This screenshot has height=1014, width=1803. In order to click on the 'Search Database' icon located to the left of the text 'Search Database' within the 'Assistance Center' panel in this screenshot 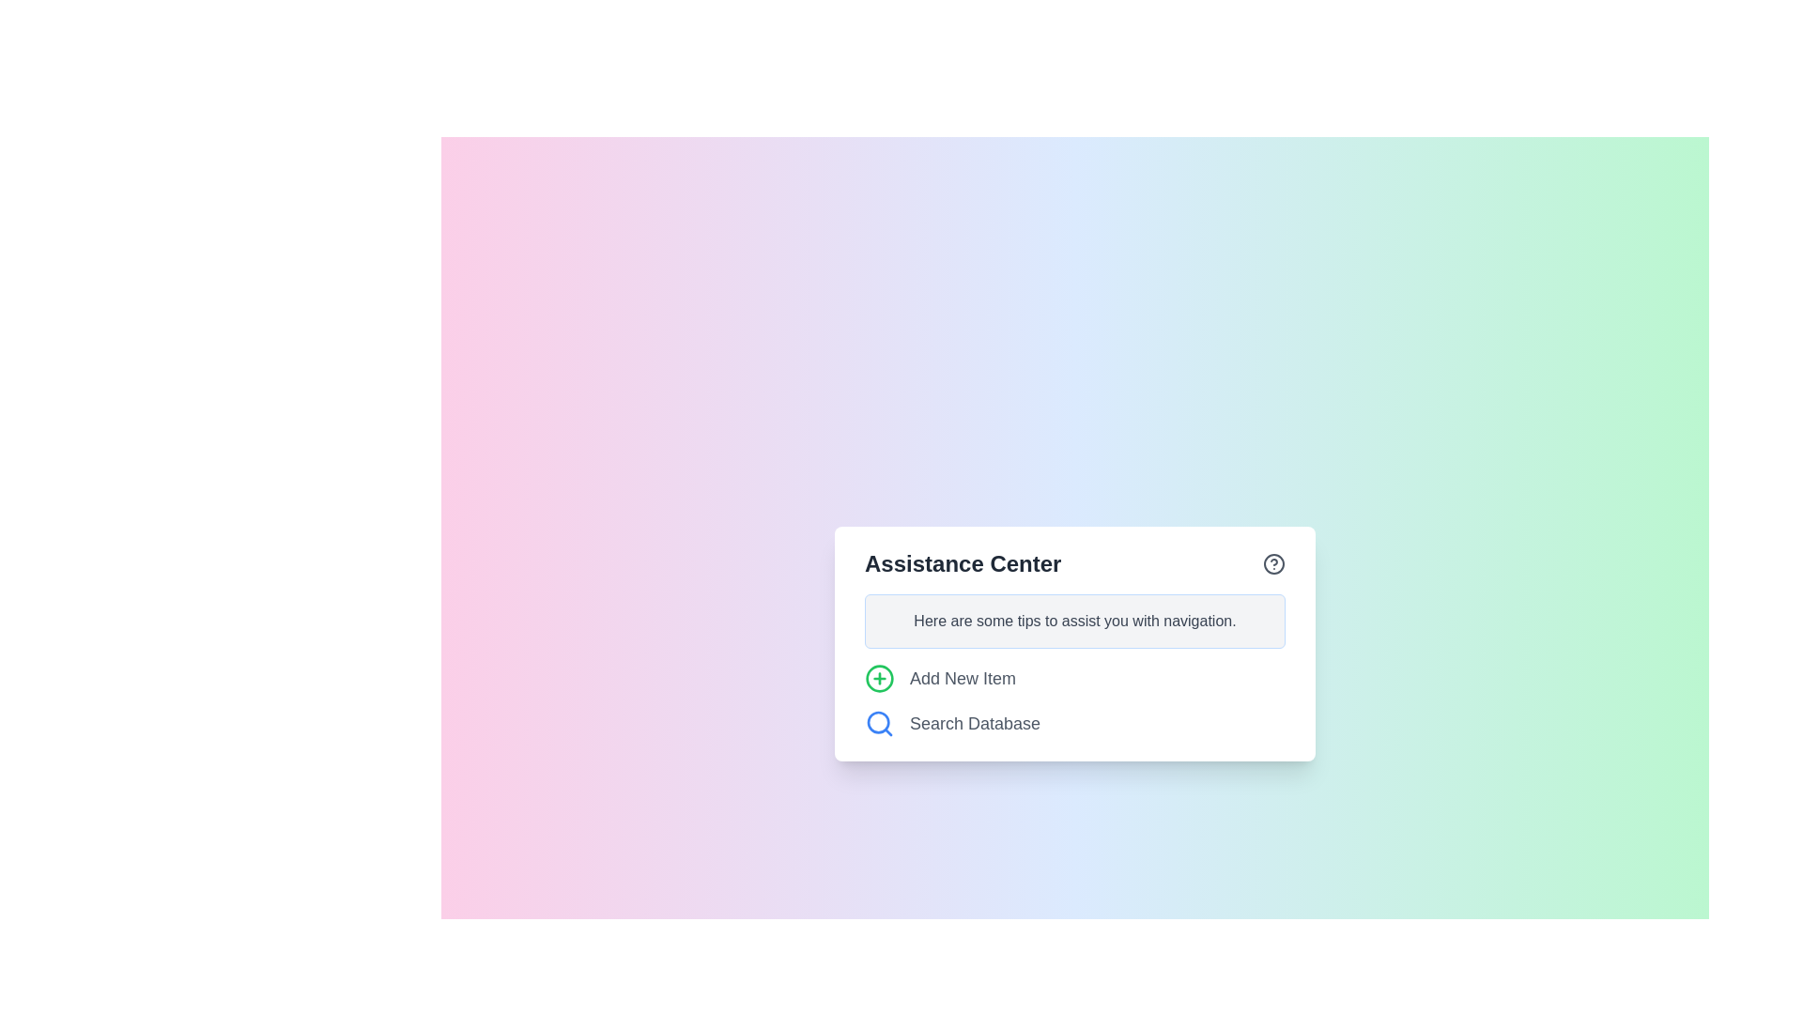, I will do `click(878, 723)`.